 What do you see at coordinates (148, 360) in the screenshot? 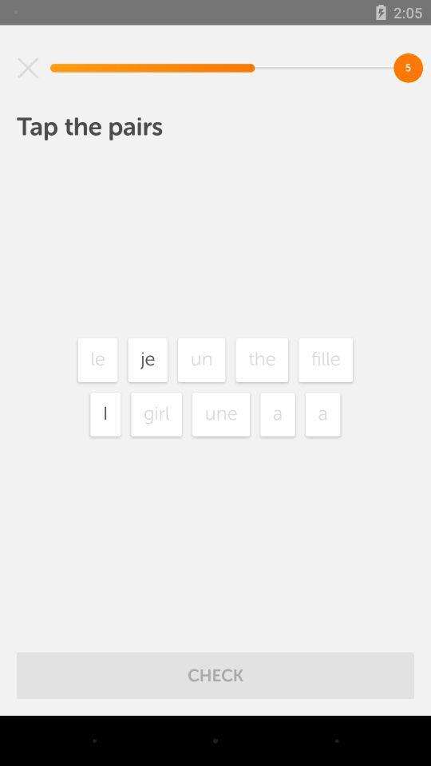
I see `icon to the left of the un icon` at bounding box center [148, 360].